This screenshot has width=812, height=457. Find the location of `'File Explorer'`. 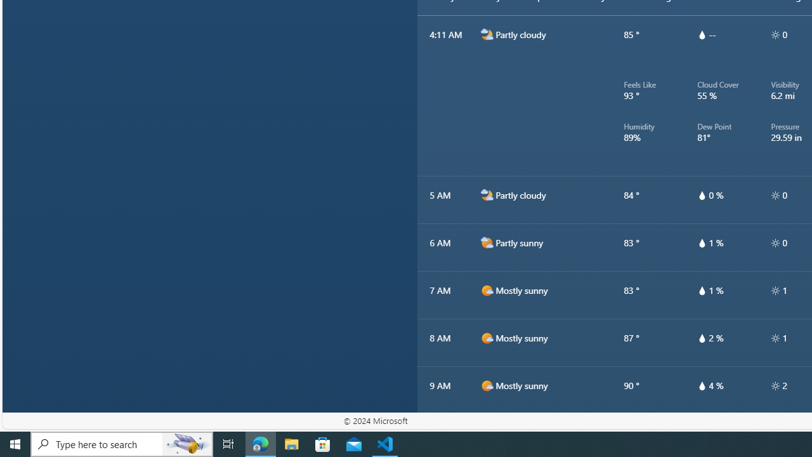

'File Explorer' is located at coordinates (291, 443).